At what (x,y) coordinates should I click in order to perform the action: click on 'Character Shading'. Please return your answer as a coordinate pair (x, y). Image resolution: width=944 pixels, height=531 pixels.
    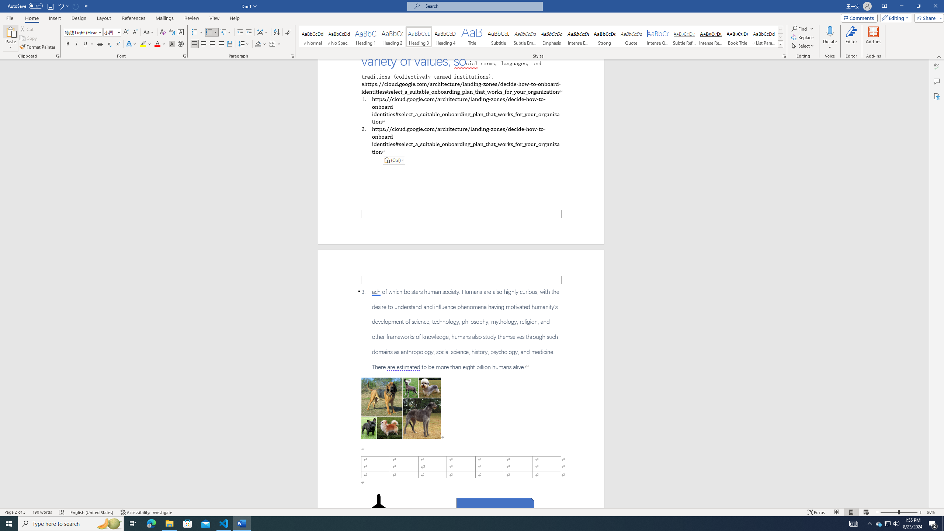
    Looking at the image, I should click on (171, 44).